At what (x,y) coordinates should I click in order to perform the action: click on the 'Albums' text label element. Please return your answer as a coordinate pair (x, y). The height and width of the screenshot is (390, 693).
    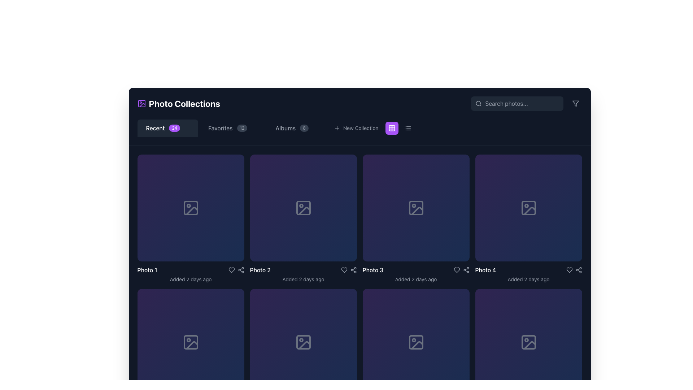
    Looking at the image, I should click on (285, 127).